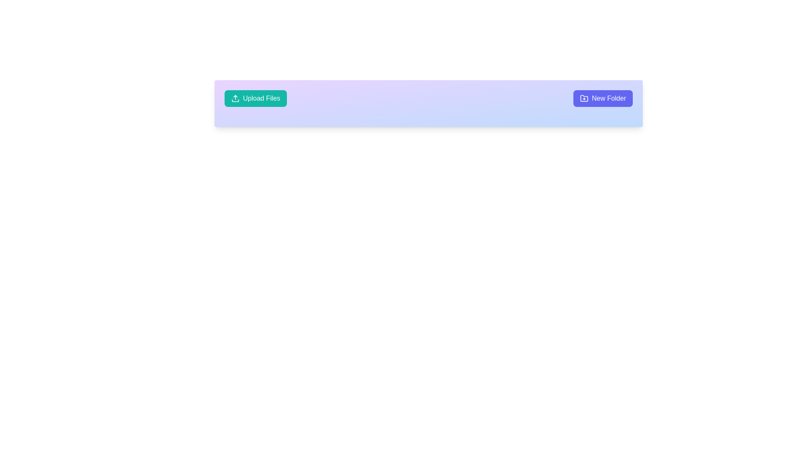 This screenshot has height=451, width=803. Describe the element at coordinates (584, 98) in the screenshot. I see `the small folder icon with a plus sign embedded within the 'New Folder' button, which is located at the left side of the button, aligned with the text 'New Folder'` at that location.